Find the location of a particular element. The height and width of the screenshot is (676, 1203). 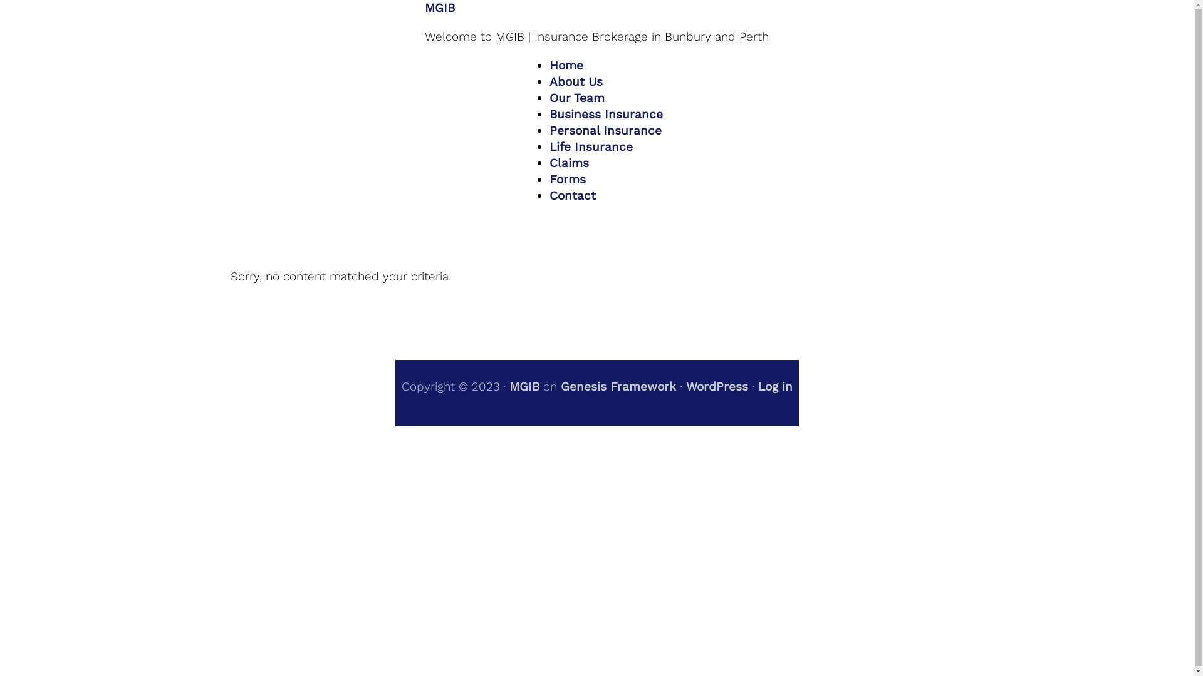

'About Us' is located at coordinates (575, 81).